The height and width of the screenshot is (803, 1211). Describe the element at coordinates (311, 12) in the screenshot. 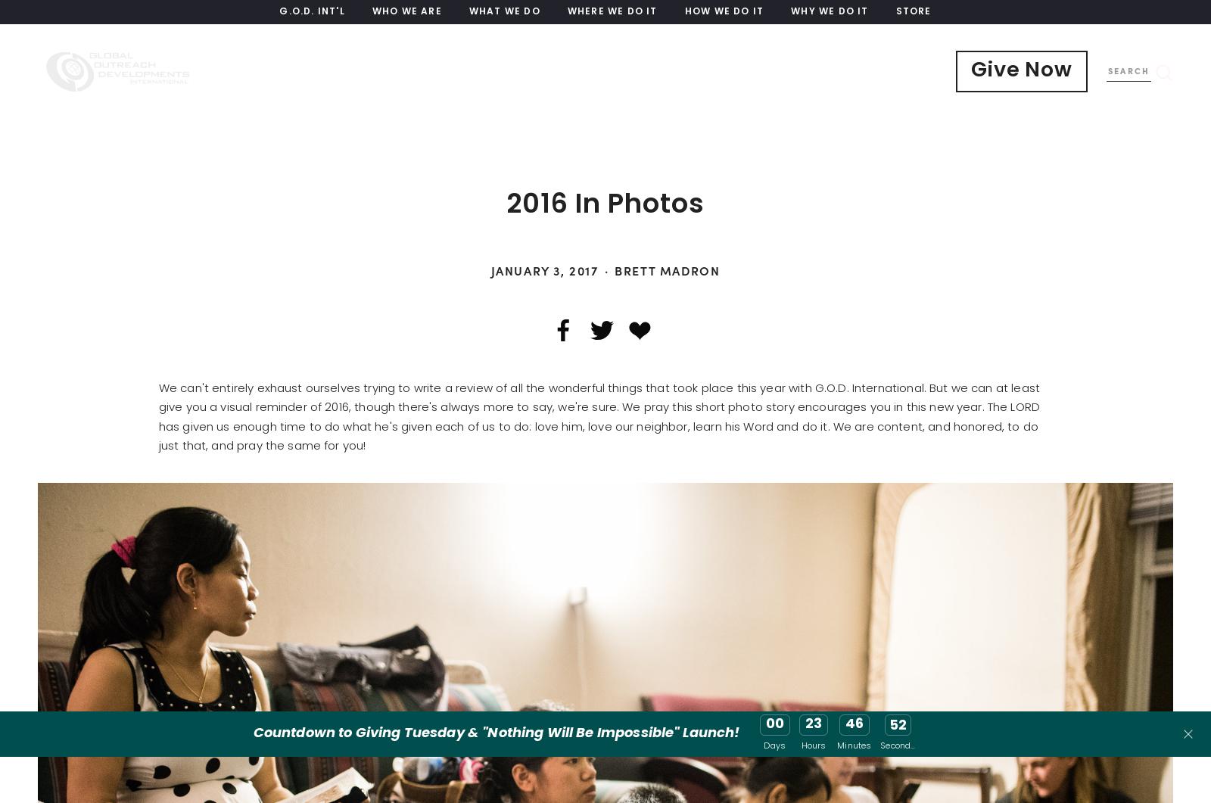

I see `'G.O.D. Int'l'` at that location.